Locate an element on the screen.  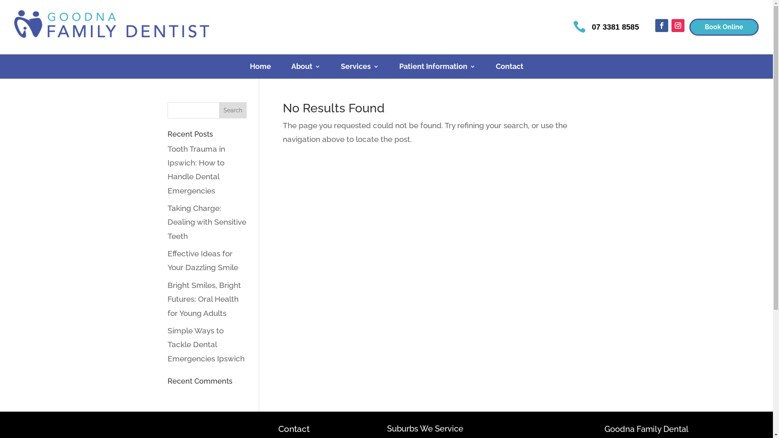
'About' is located at coordinates (291, 68).